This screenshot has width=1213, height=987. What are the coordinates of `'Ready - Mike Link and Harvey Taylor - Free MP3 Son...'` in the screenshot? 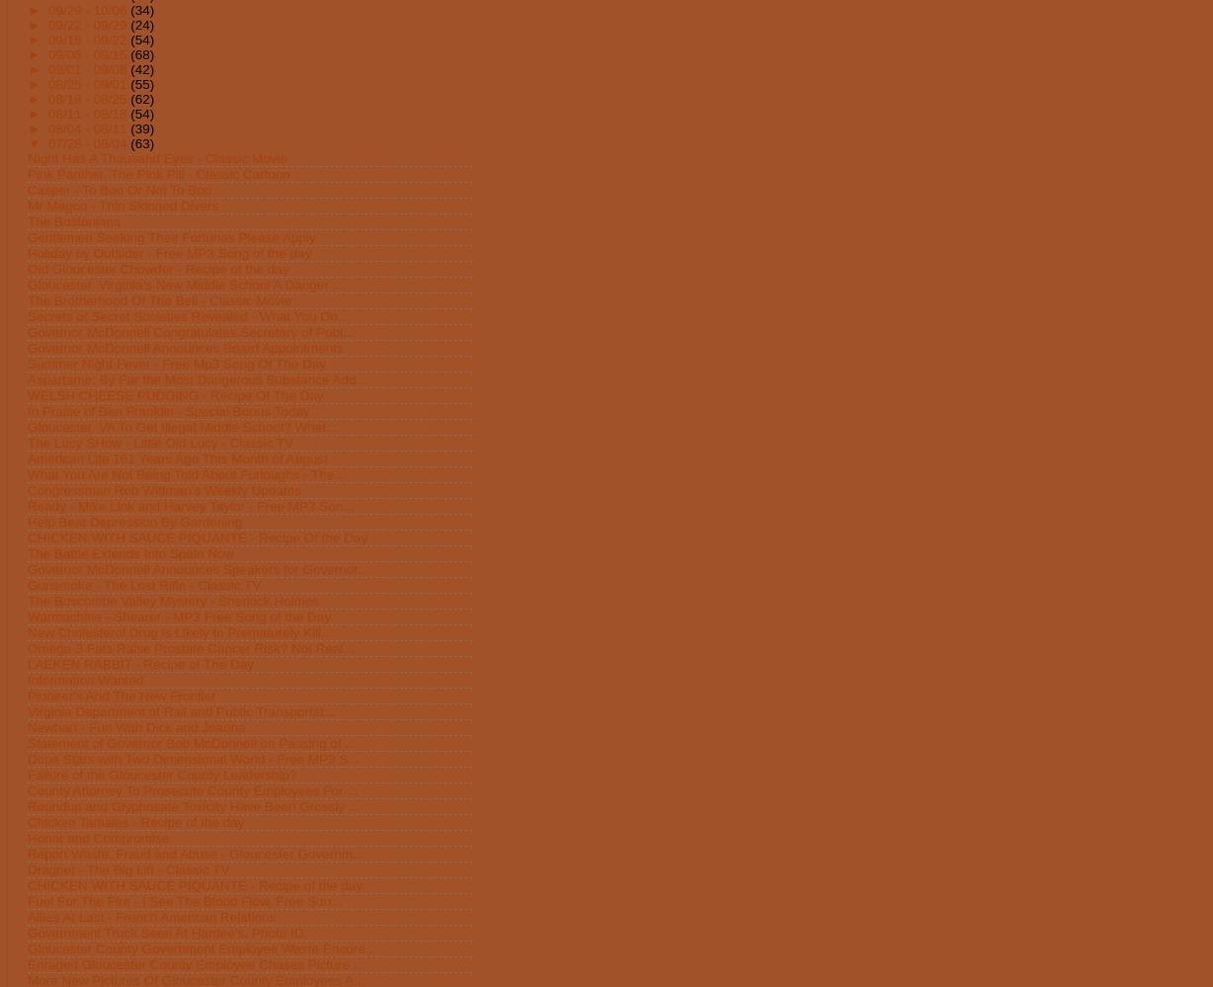 It's located at (190, 504).